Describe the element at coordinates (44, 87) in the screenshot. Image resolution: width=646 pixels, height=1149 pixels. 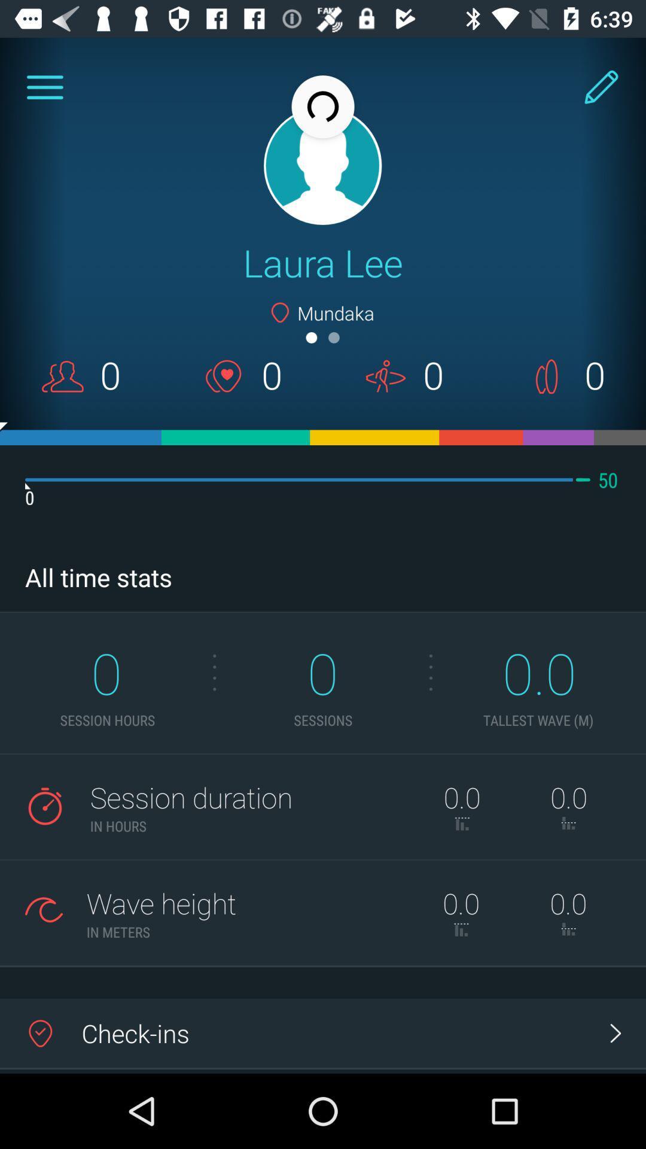
I see `the menu icon` at that location.